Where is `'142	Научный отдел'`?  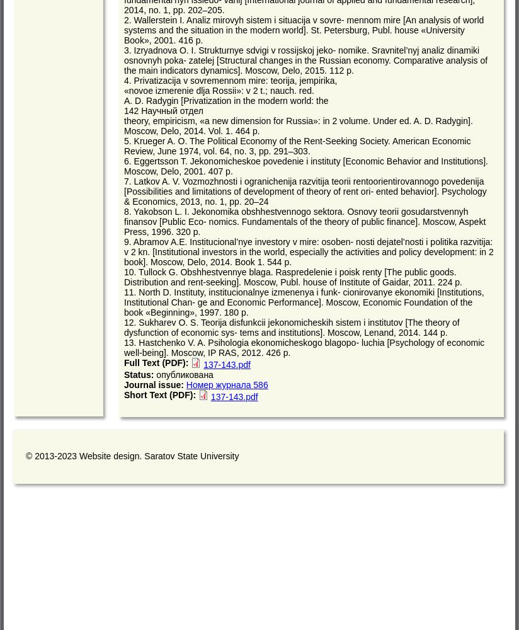
'142	Научный отдел' is located at coordinates (124, 111).